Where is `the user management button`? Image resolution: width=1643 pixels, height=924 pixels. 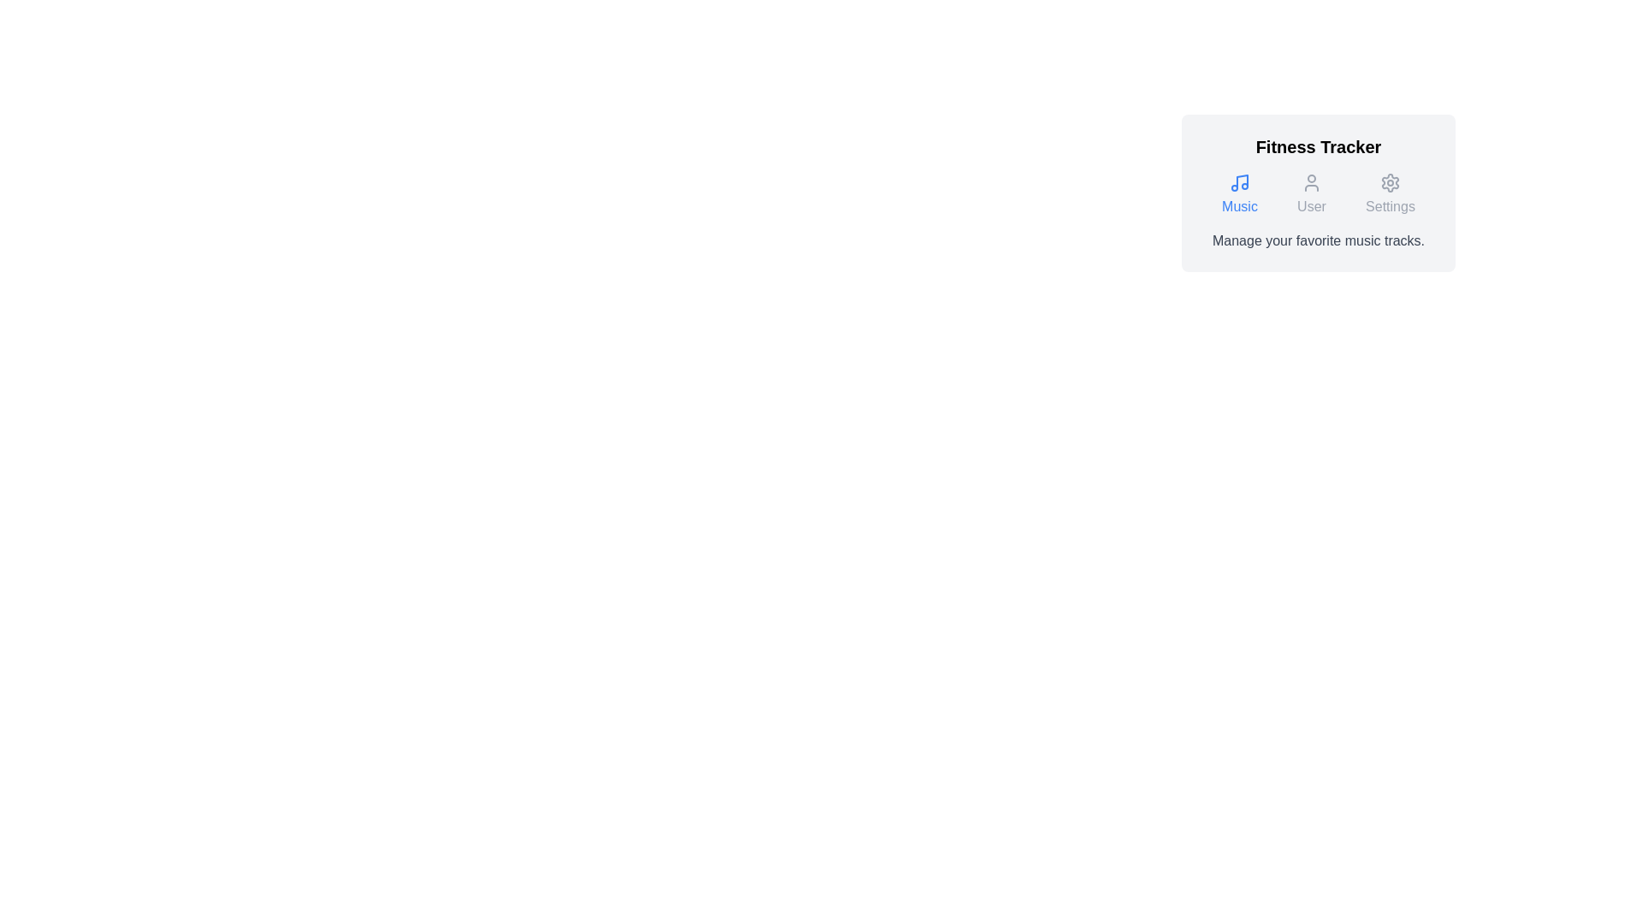
the user management button is located at coordinates (1310, 193).